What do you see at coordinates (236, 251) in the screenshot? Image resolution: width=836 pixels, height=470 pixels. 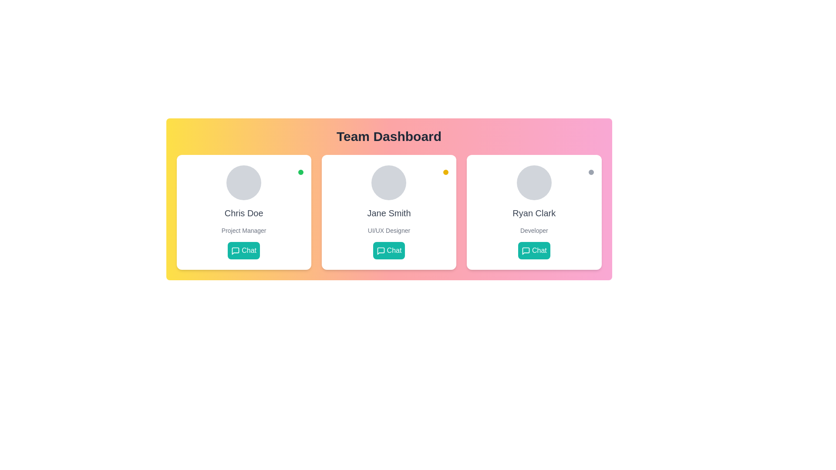 I see `the 'Chat' button icon located below Chris Doe's name and role to initiate a chat or messaging interaction` at bounding box center [236, 251].